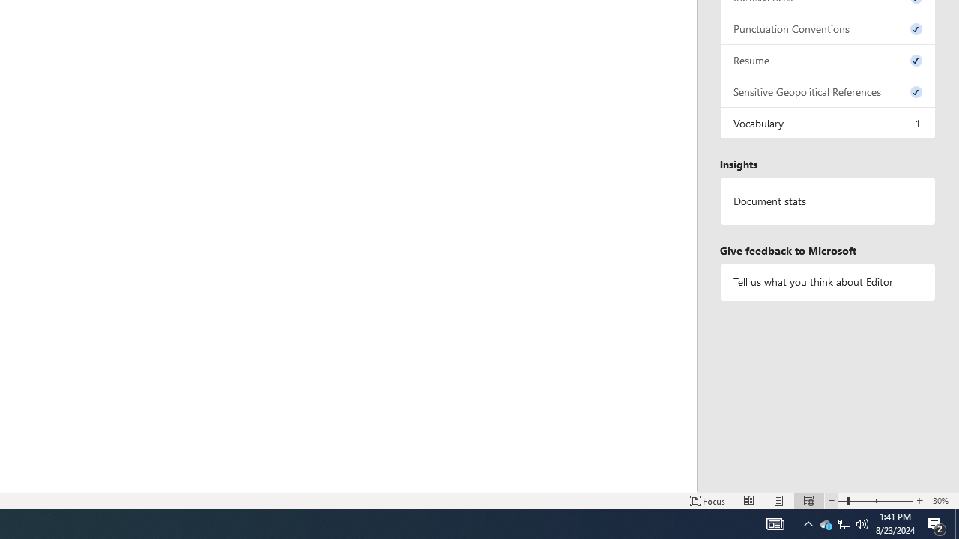  What do you see at coordinates (827, 282) in the screenshot?
I see `'Tell us what you think about Editor'` at bounding box center [827, 282].